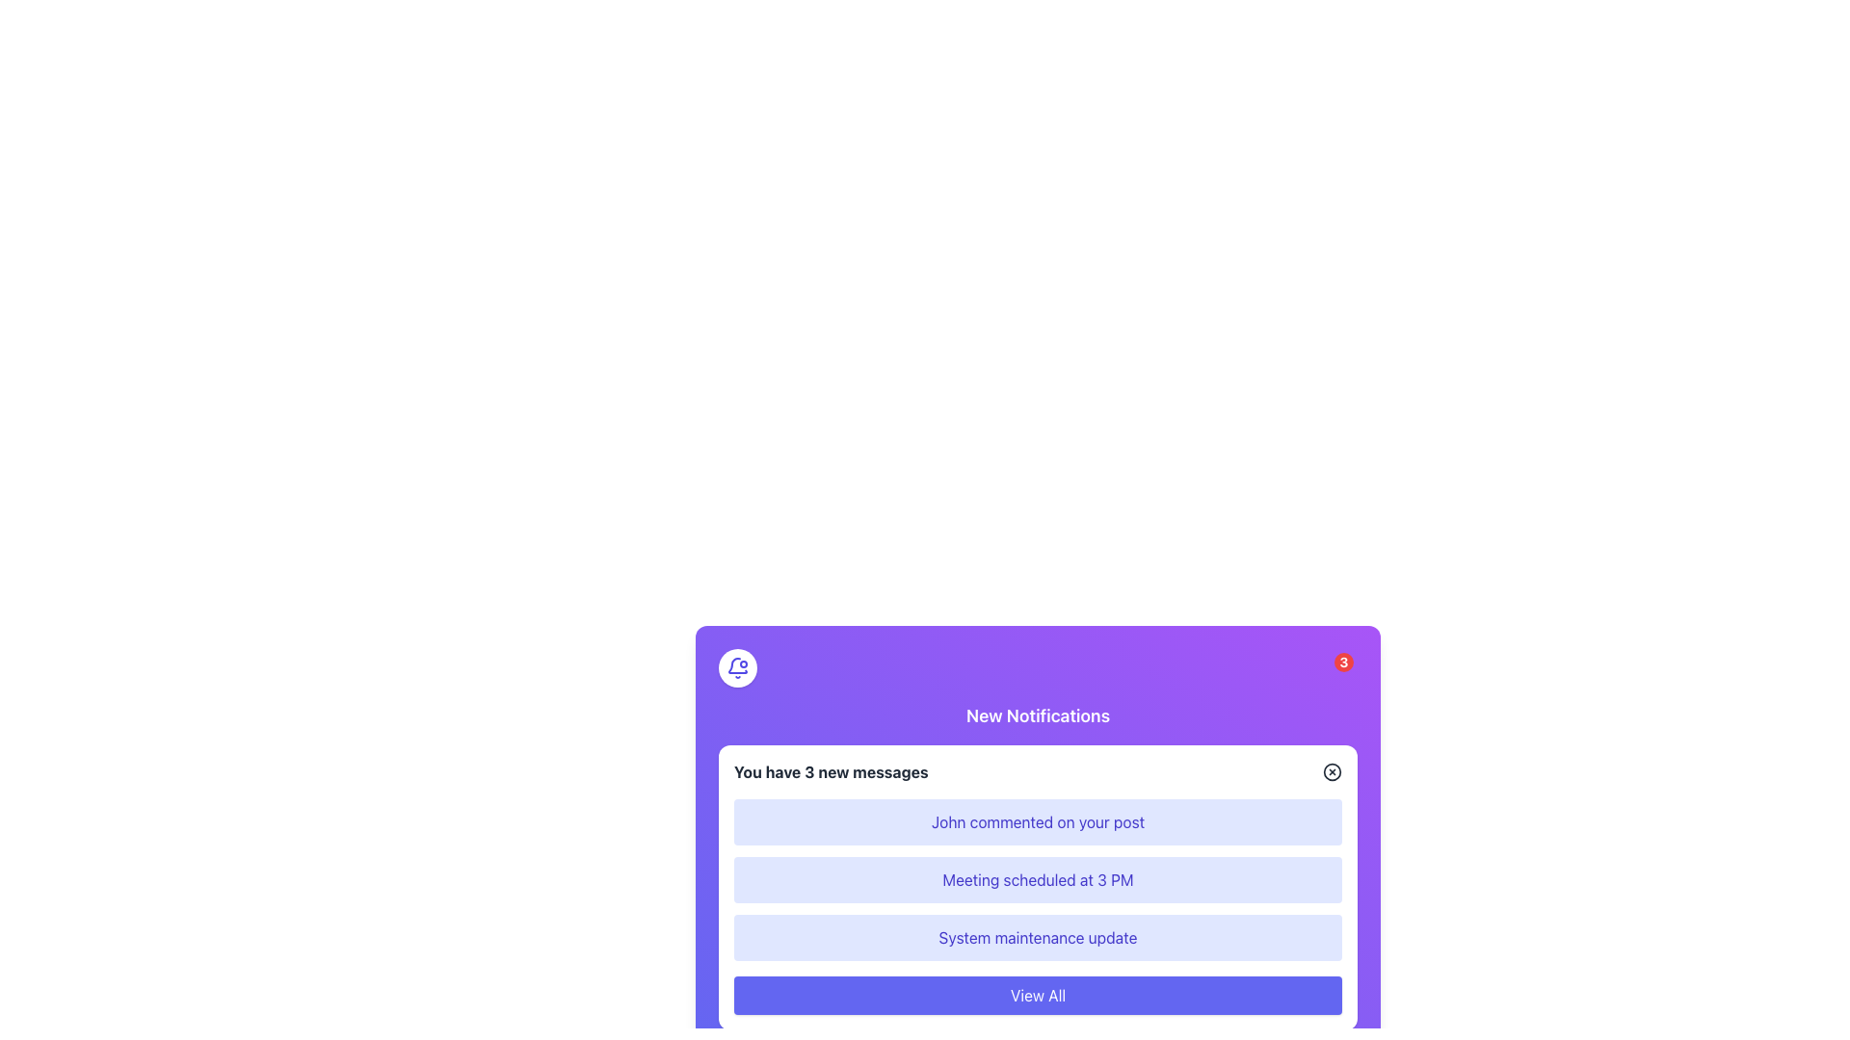 This screenshot has height=1040, width=1850. Describe the element at coordinates (1037, 995) in the screenshot. I see `the 'View All' button, which is a rectangular button with a purple background and white text, located at the bottom of the notification panel` at that location.